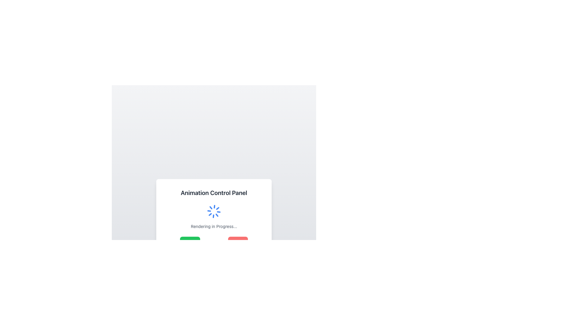 The height and width of the screenshot is (324, 577). What do you see at coordinates (214, 242) in the screenshot?
I see `the 'Start' button located within the 'Animation Control Panel' to initiate or resume the animation process` at bounding box center [214, 242].